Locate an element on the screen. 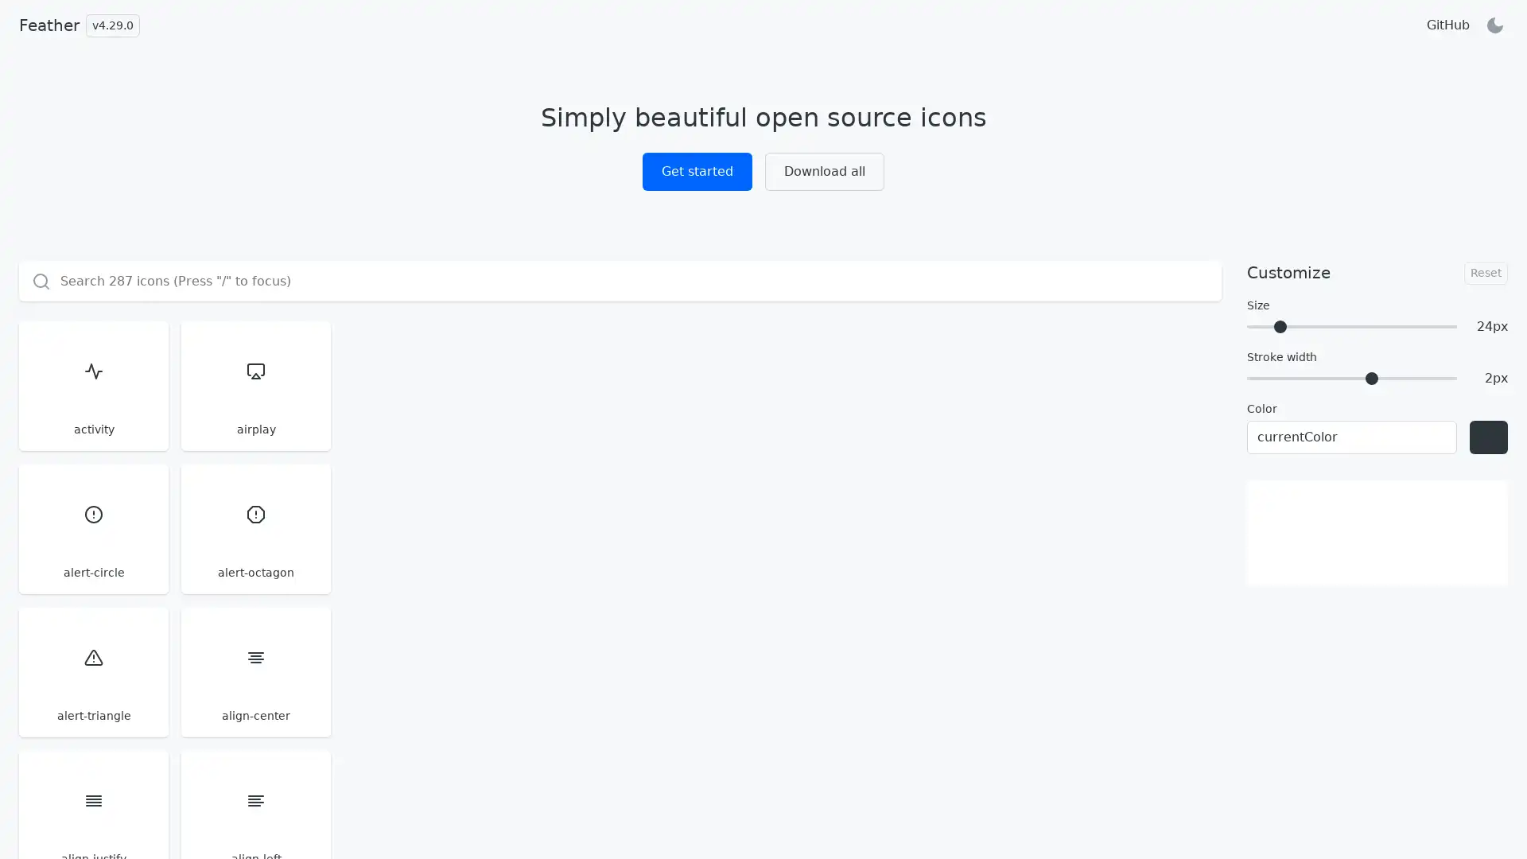 The image size is (1527, 859). Reset is located at coordinates (1485, 271).